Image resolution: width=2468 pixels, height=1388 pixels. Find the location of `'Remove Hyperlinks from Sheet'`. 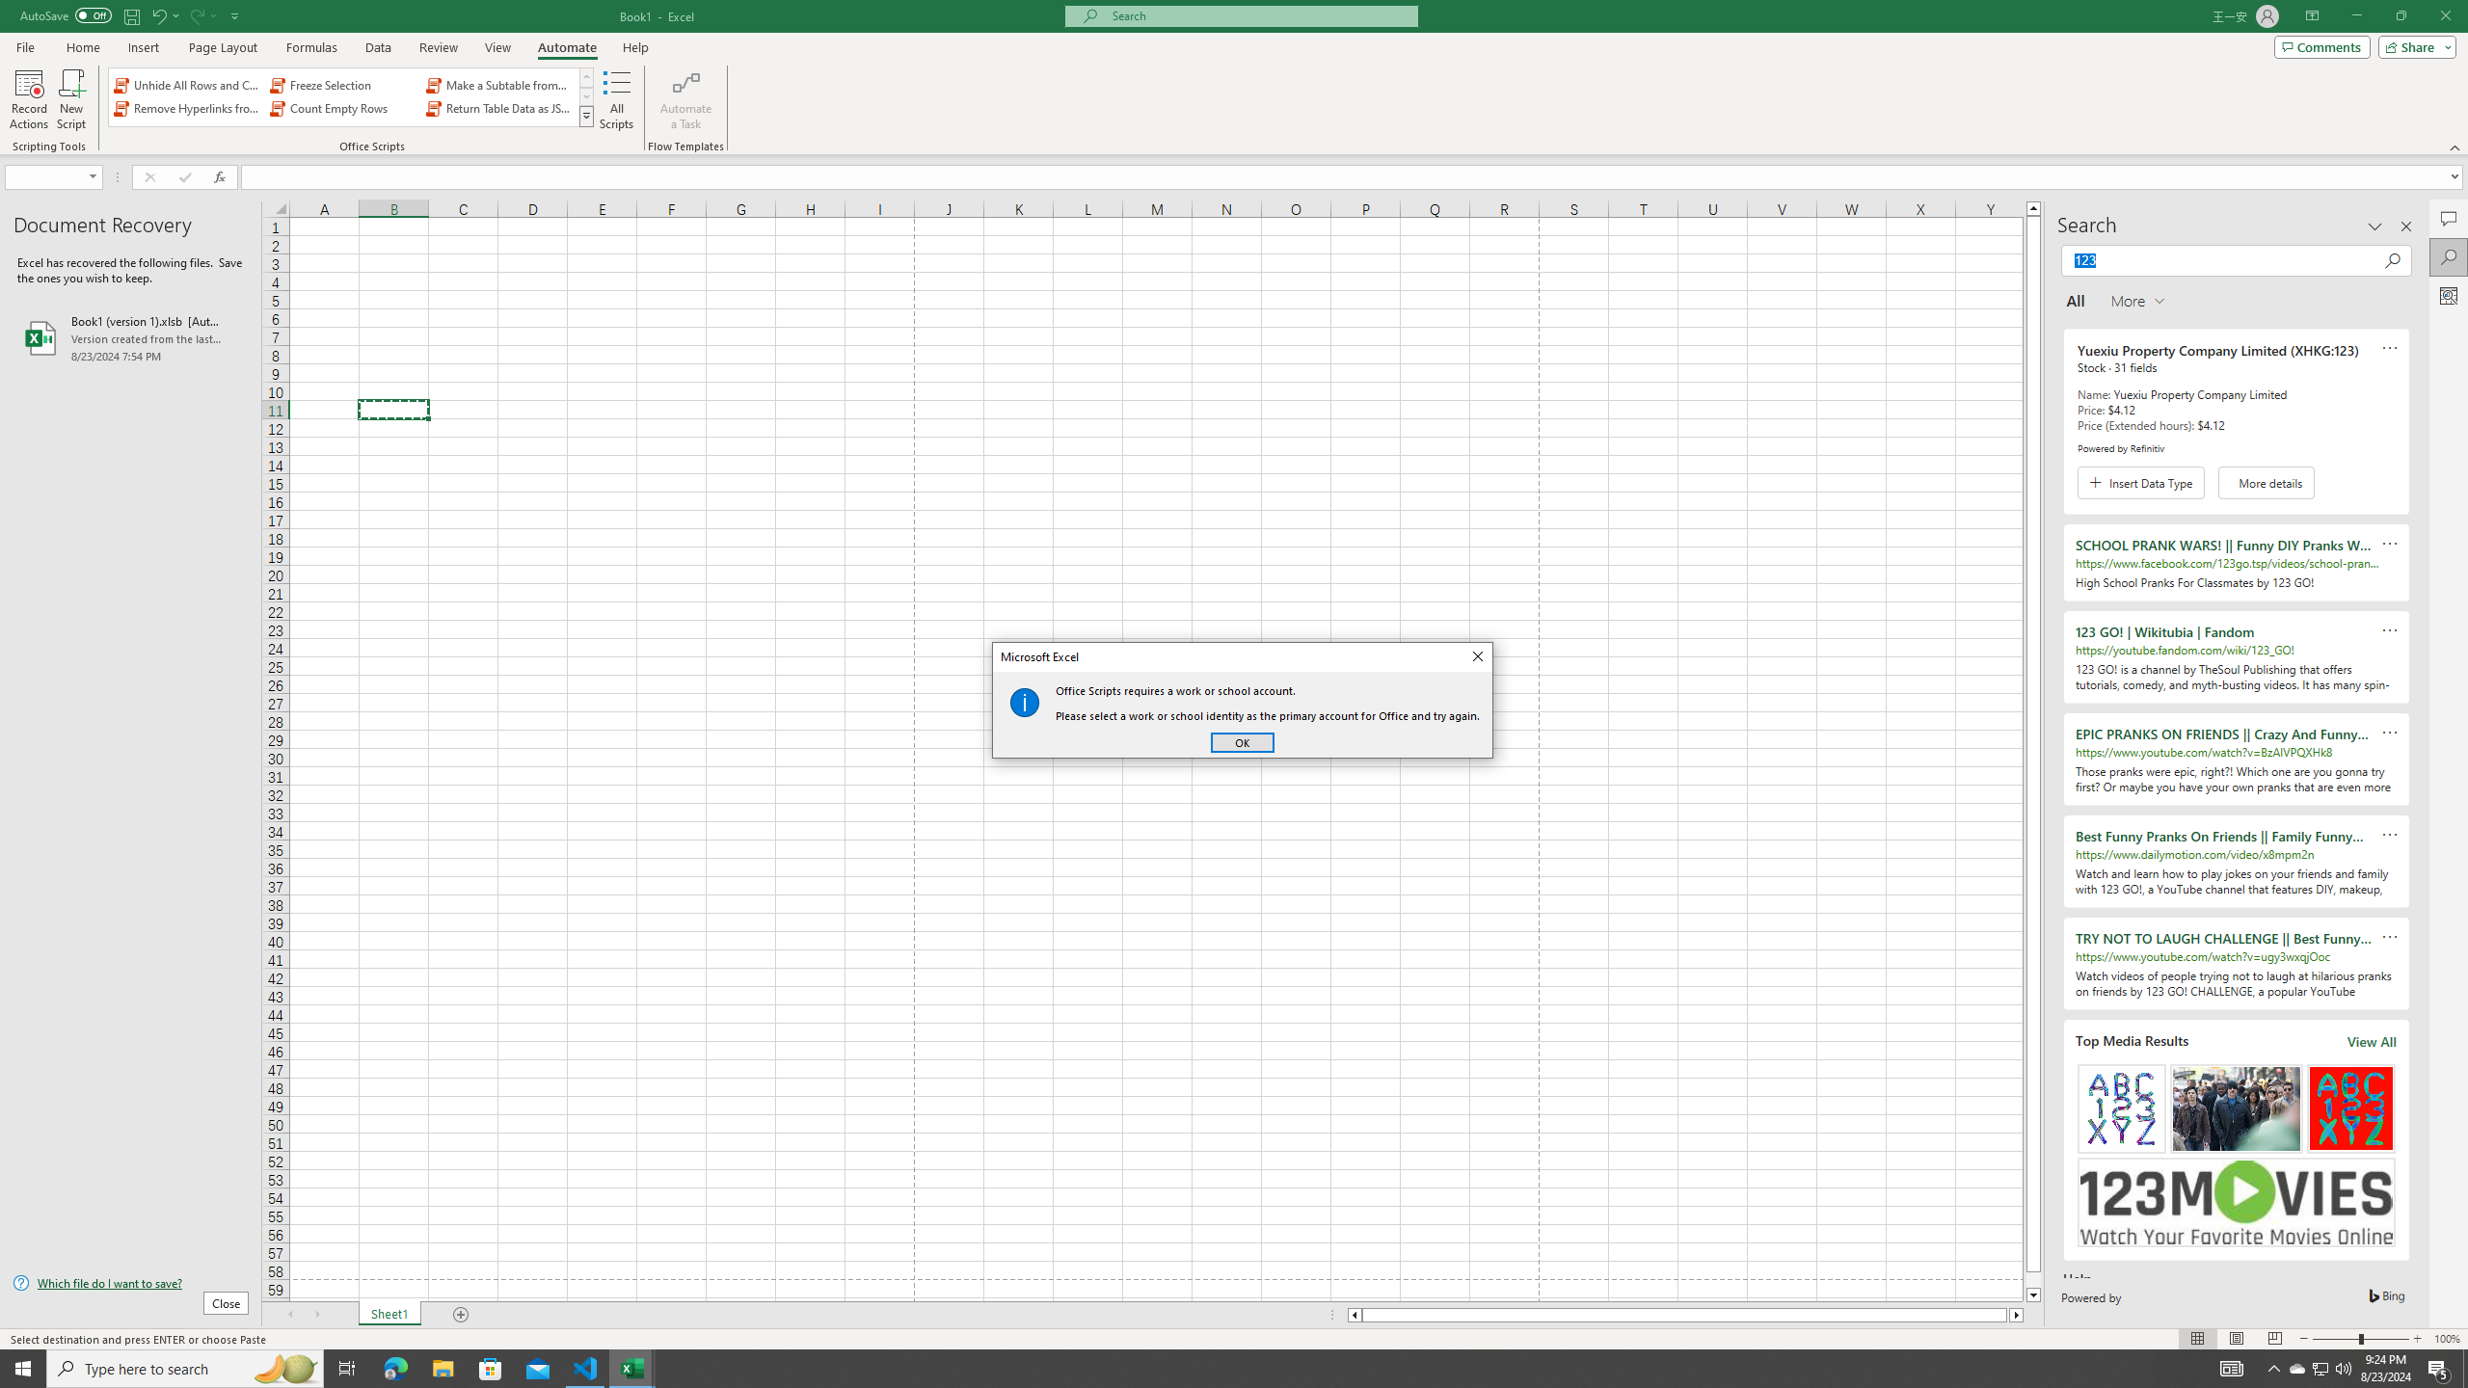

'Remove Hyperlinks from Sheet' is located at coordinates (188, 108).